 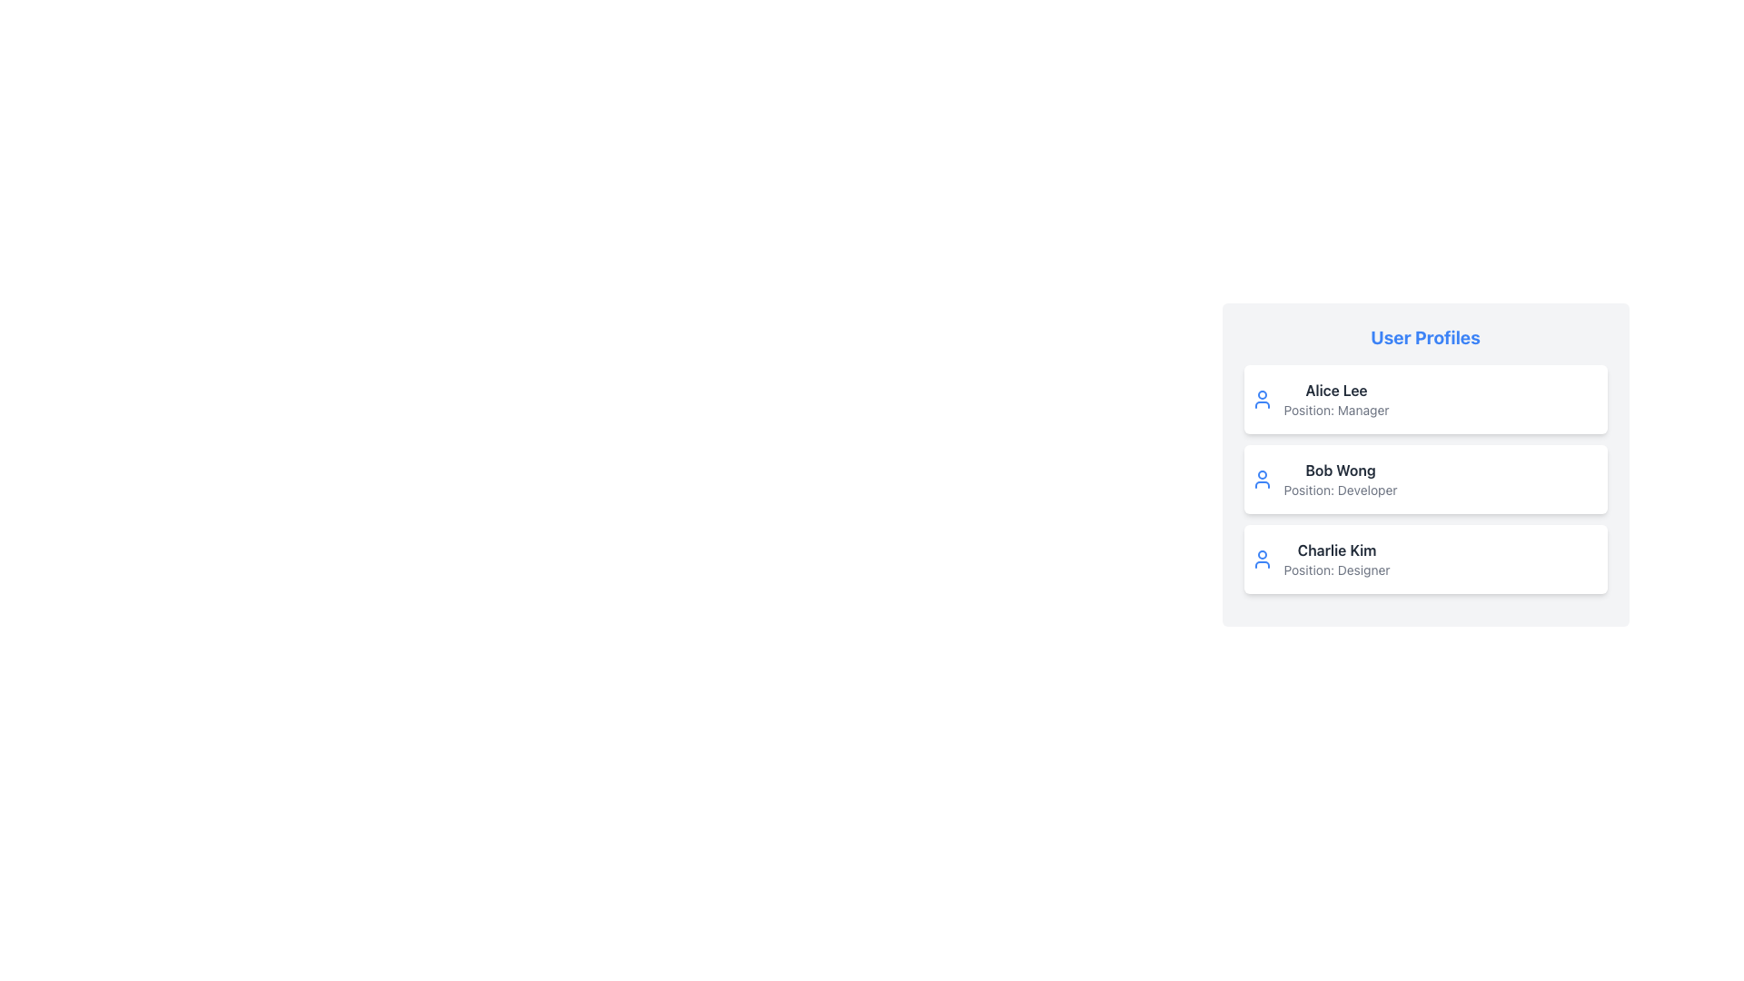 I want to click on the text label displaying 'Bob Wong Position: Developer', which is located in the second row under 'User Profiles', so click(x=1341, y=479).